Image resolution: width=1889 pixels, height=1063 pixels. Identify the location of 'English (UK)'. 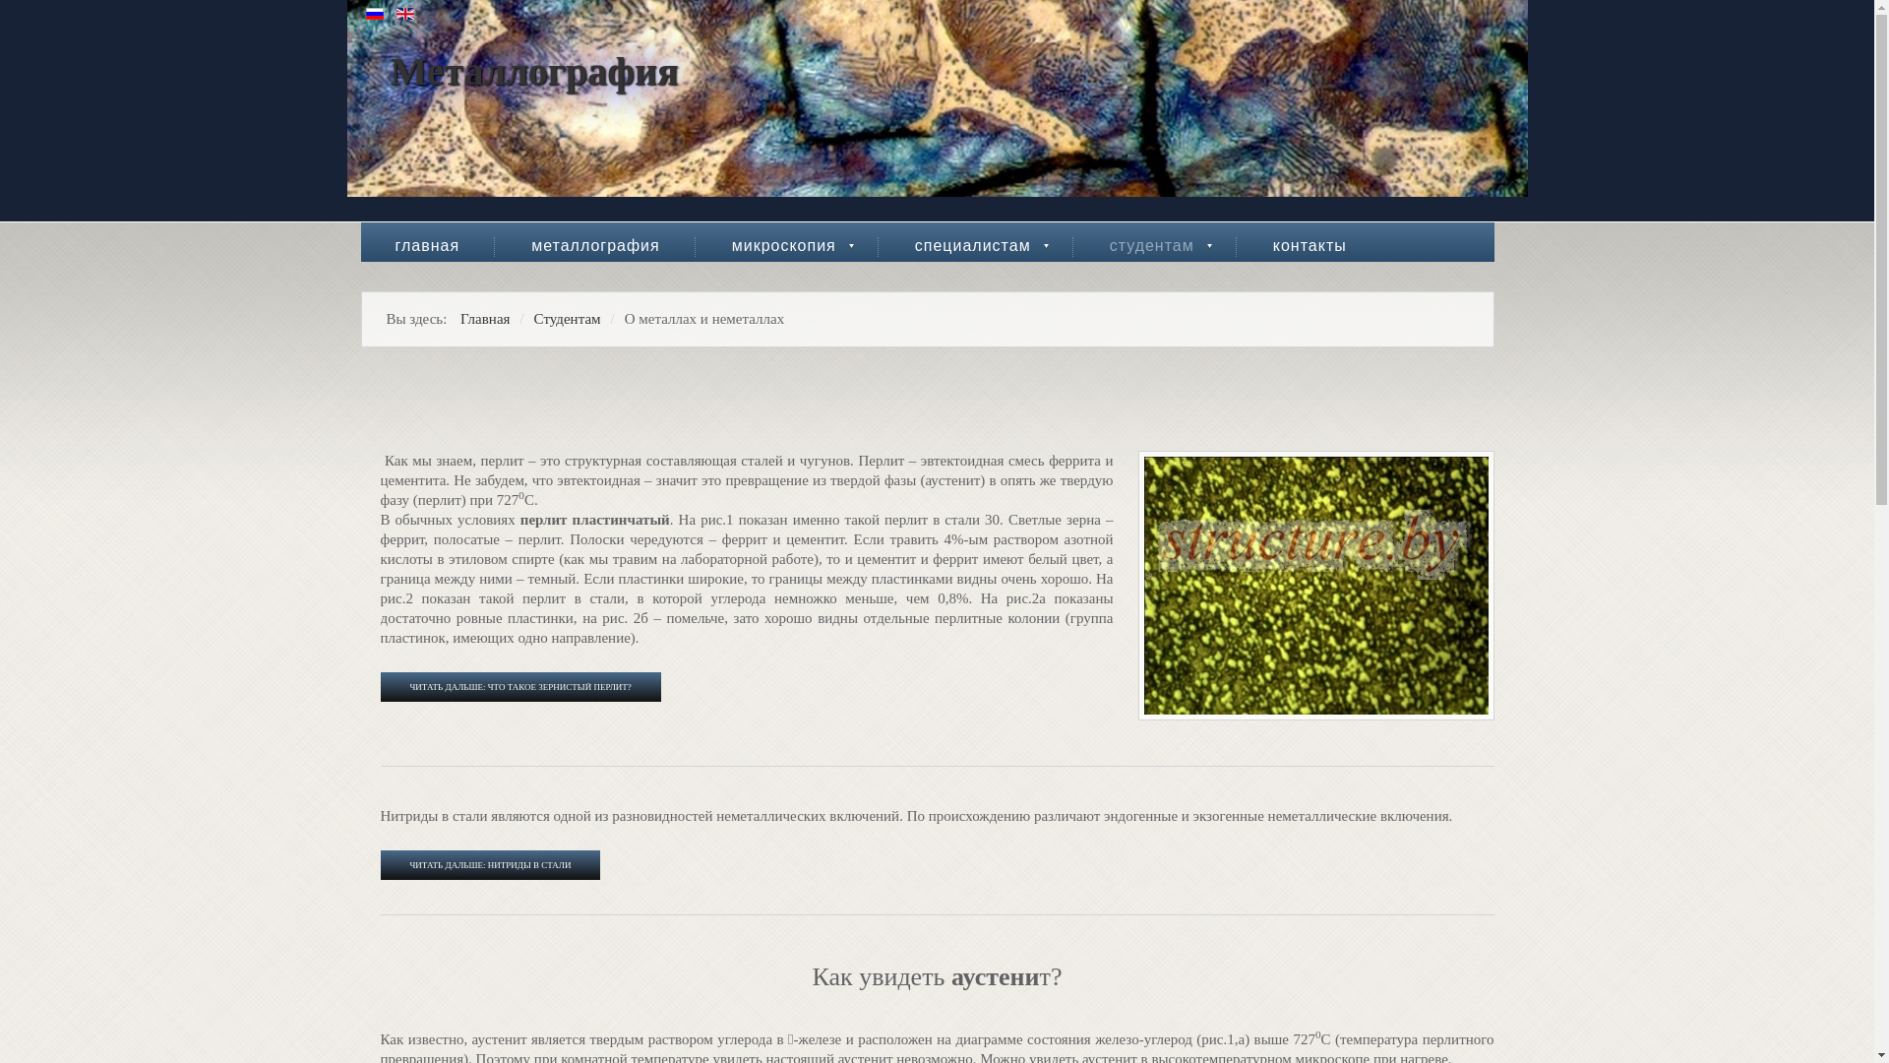
(404, 14).